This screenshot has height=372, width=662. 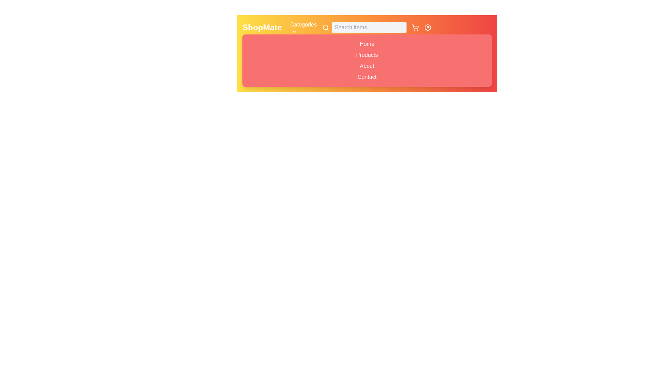 I want to click on the hyperlink located in the dropdown menu under the header section, positioned between 'Products' and 'Contact', so click(x=367, y=66).